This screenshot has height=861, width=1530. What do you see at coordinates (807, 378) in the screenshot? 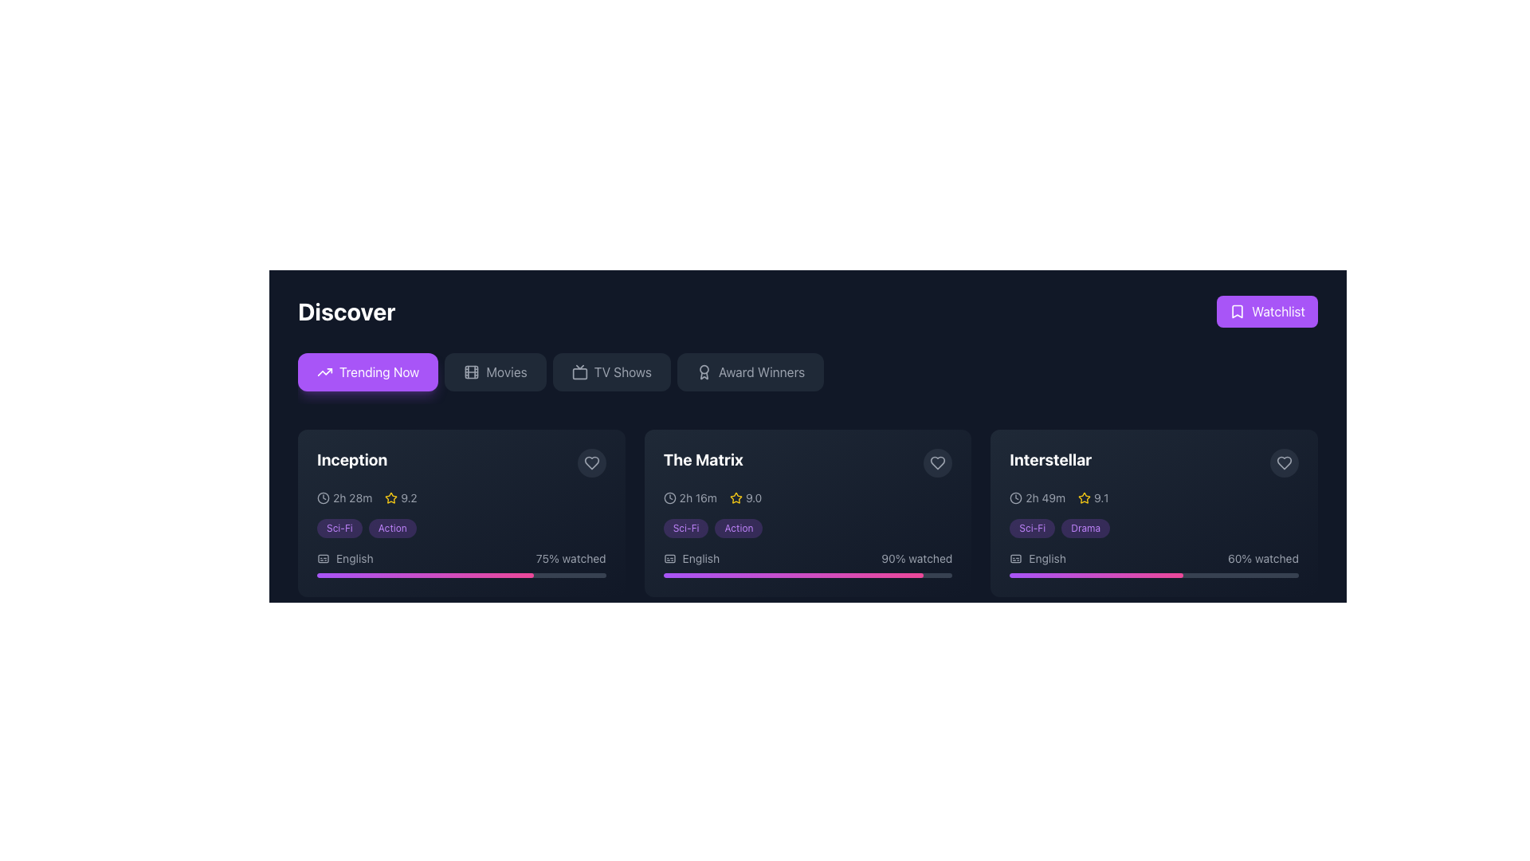
I see `the fourth button from the left in the horizontal bar below the 'Discover' title to filter for award-winning entries` at bounding box center [807, 378].